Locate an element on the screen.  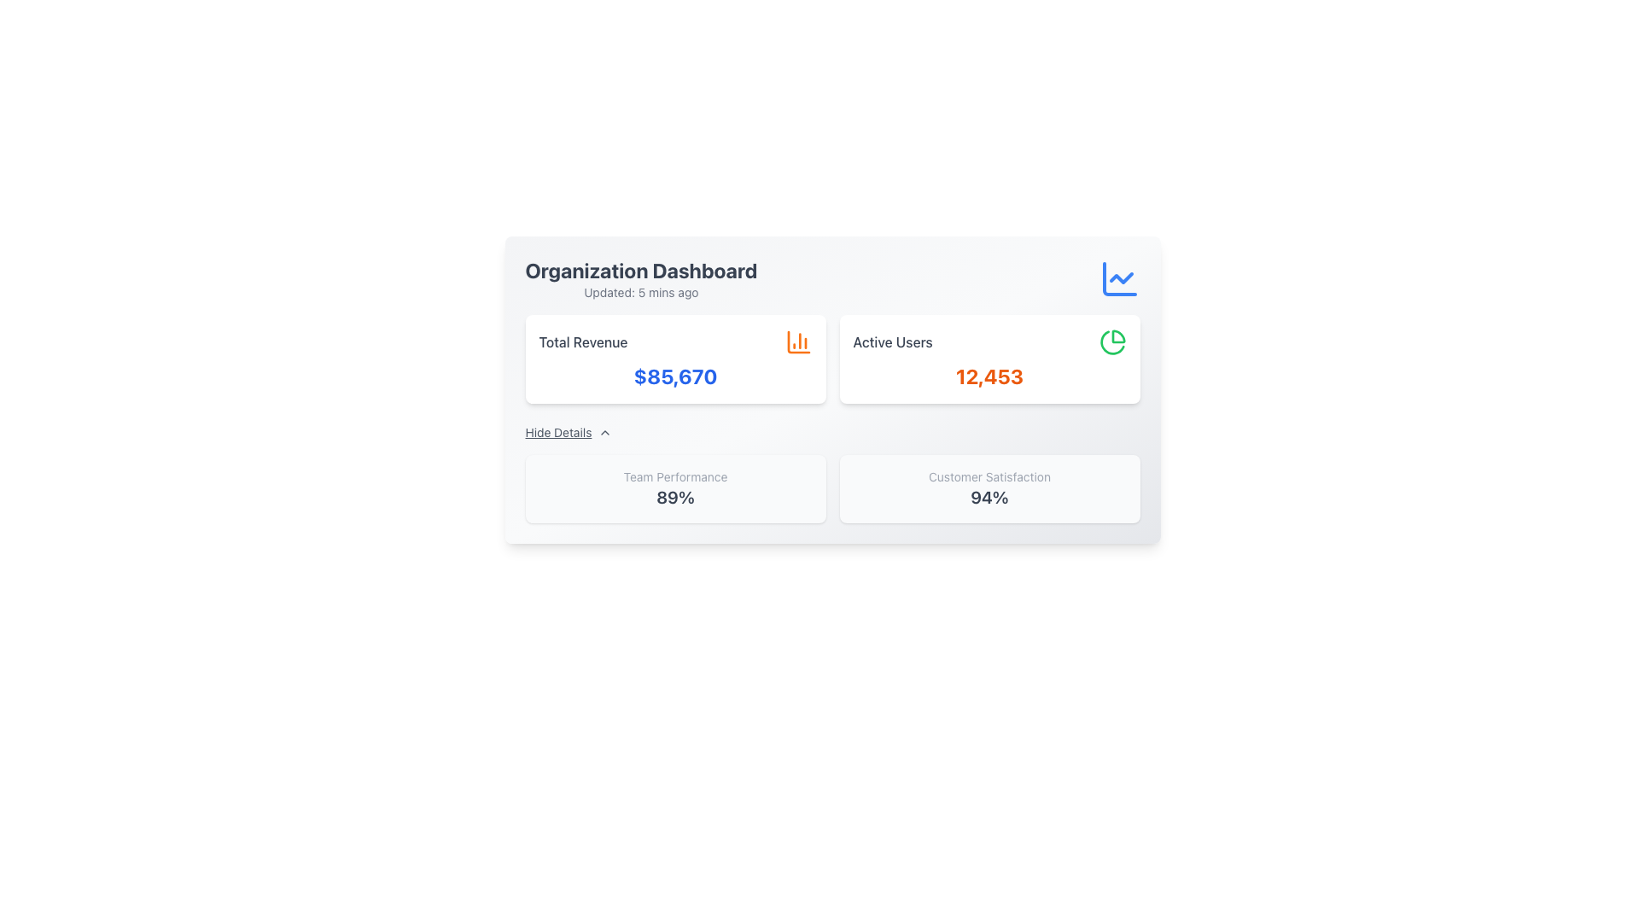
the orange bar chart icon styled with rounded edges, located to the right of the 'Total Revenue' label, positioned above the numeric revenue value is located at coordinates (797, 342).